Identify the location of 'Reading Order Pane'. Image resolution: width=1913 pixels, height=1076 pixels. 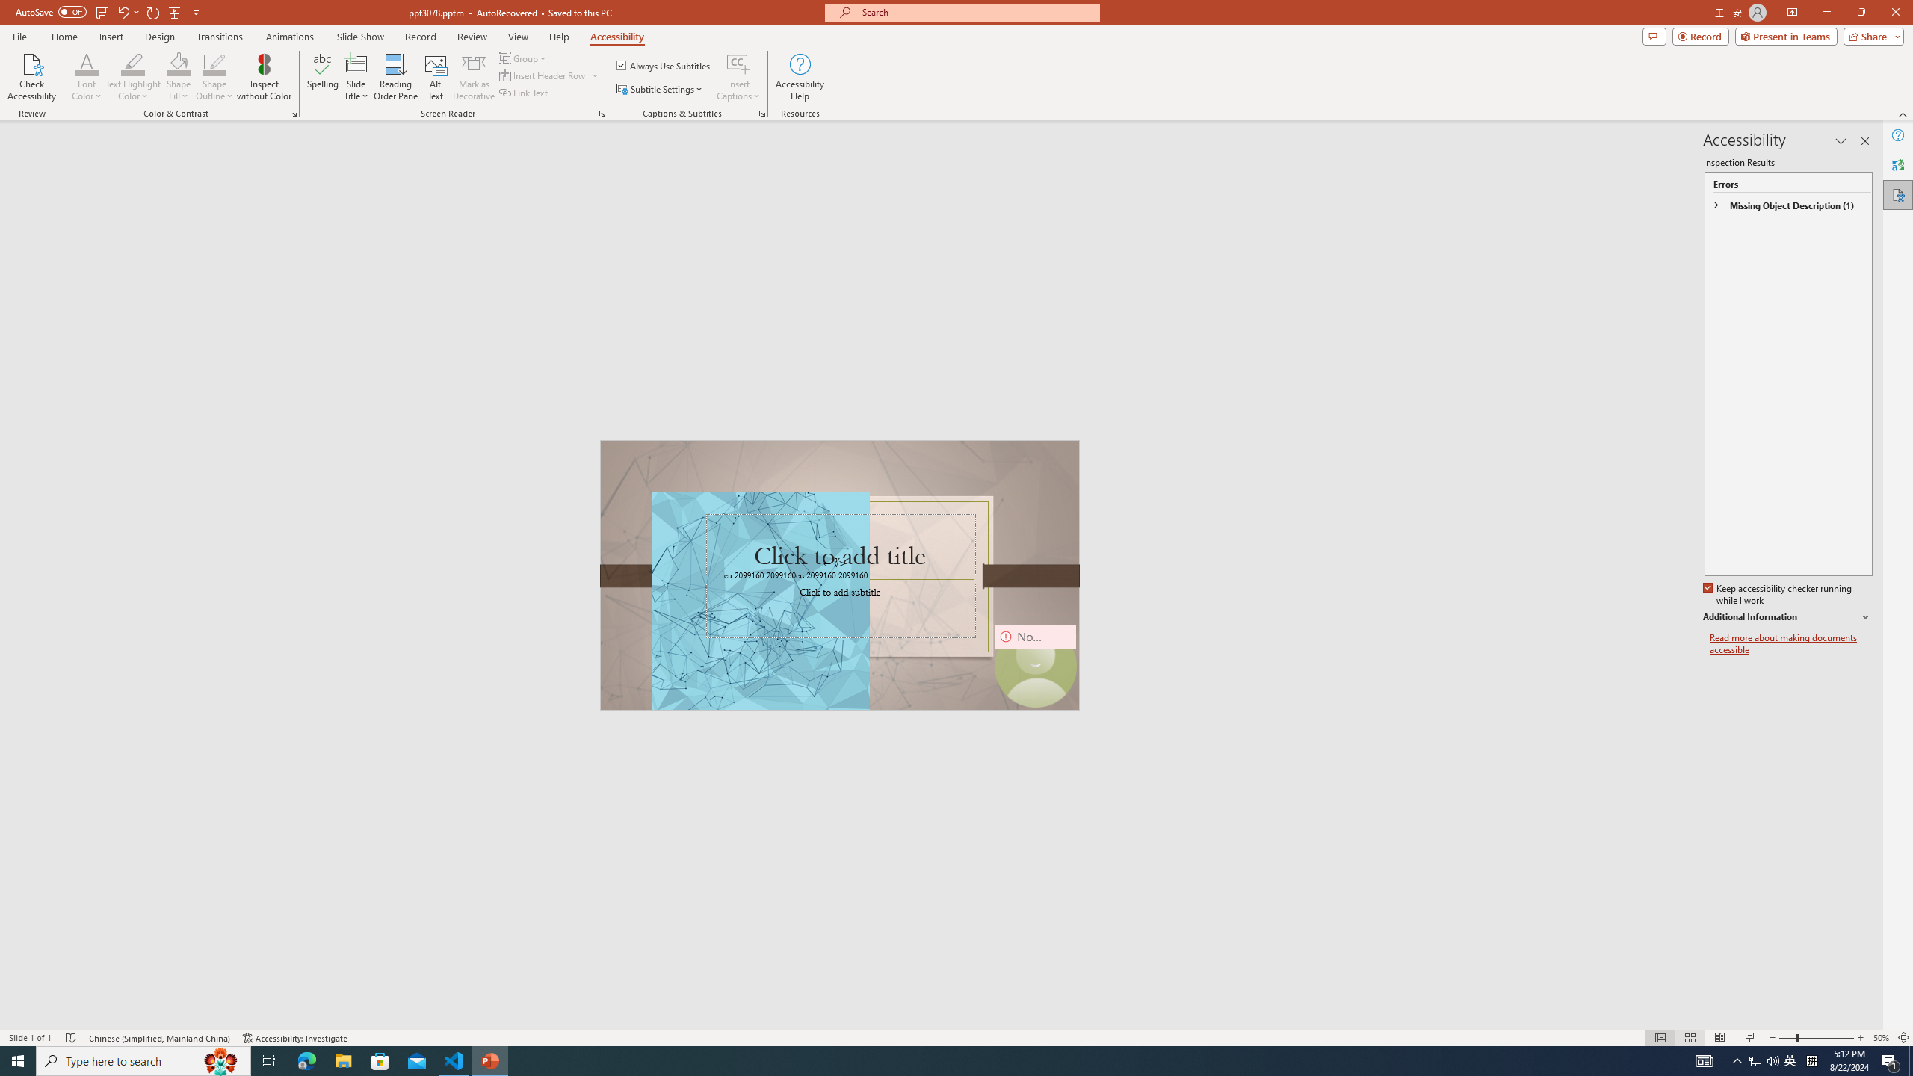
(396, 77).